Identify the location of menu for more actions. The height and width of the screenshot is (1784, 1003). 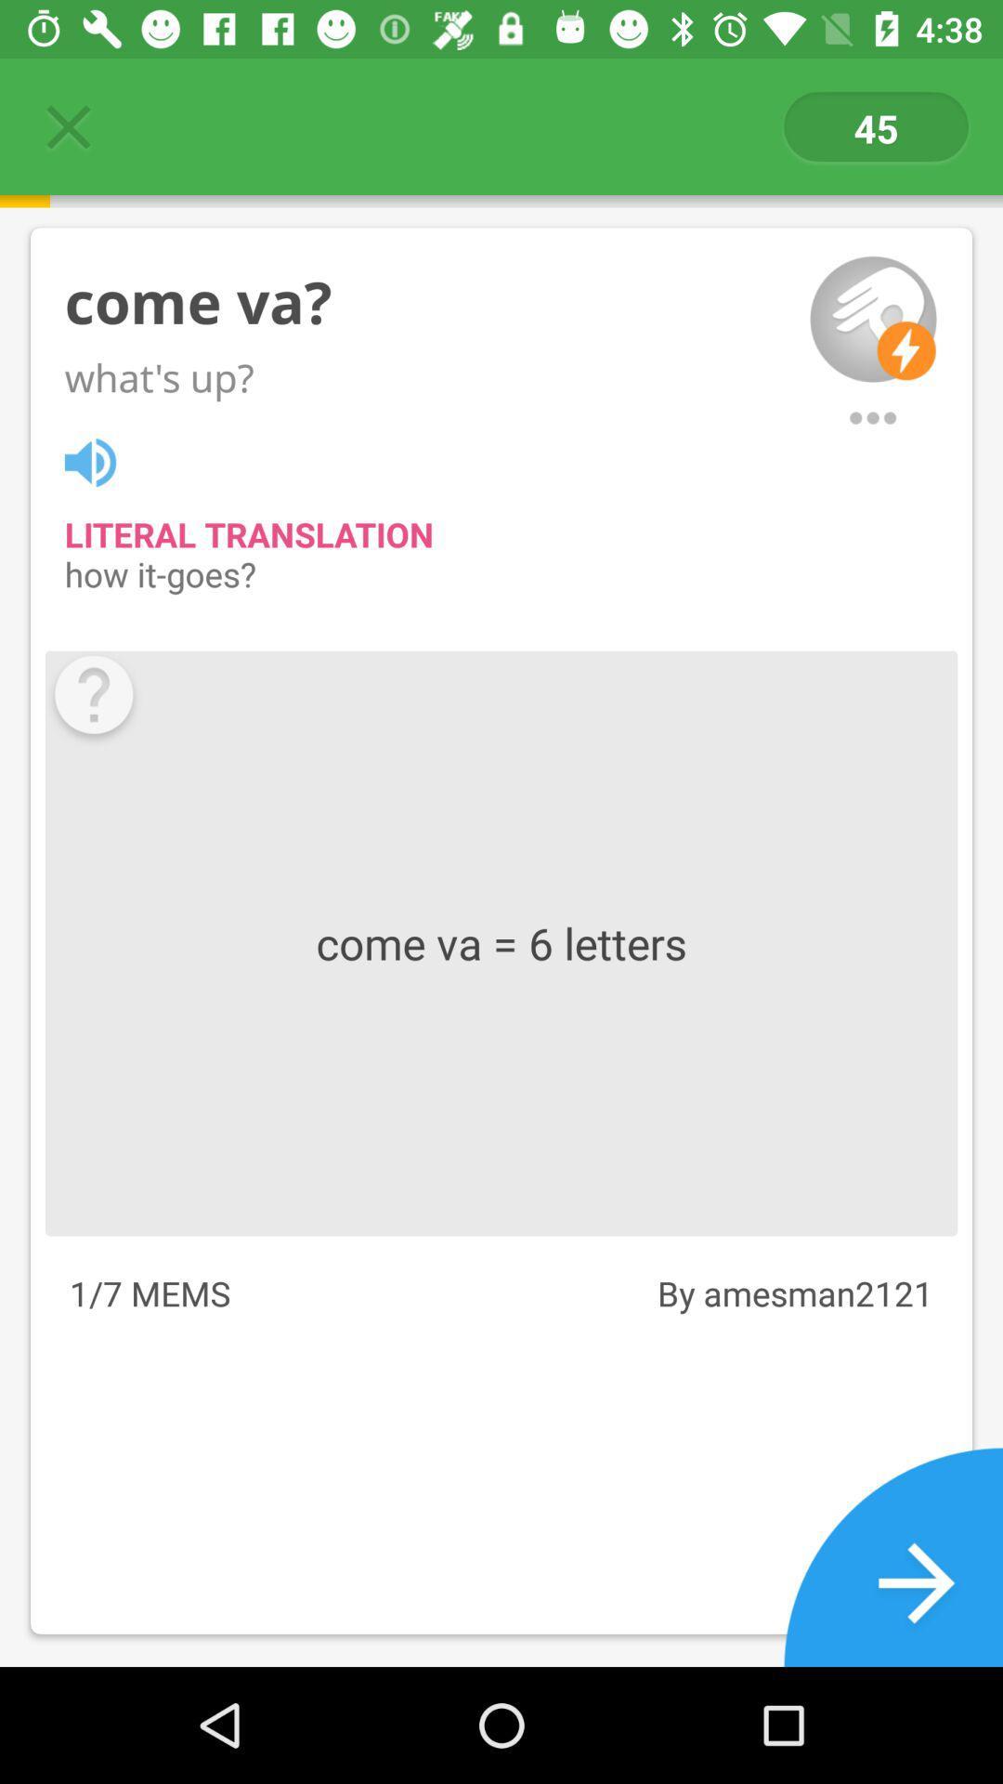
(873, 417).